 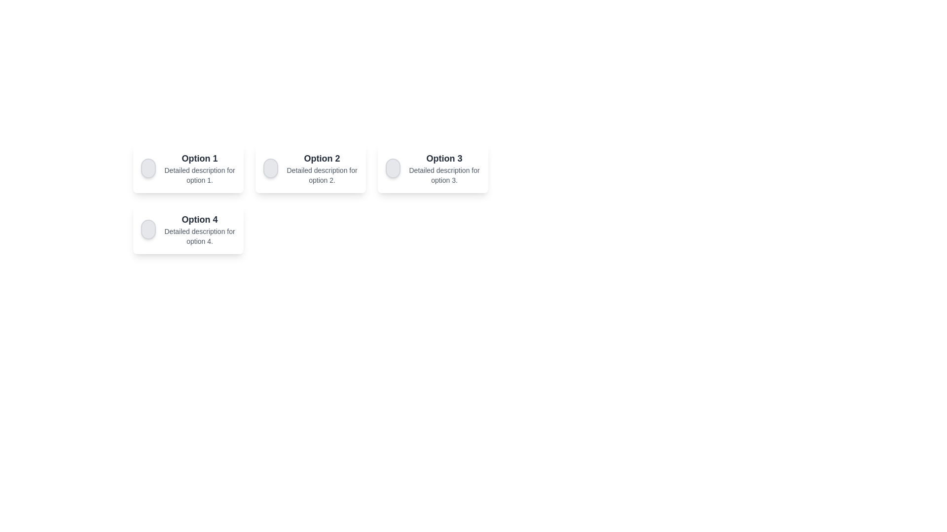 I want to click on the supplemental information Text Label located directly below the bold title text 'Option 3', which provides clarification for users, so click(x=444, y=174).